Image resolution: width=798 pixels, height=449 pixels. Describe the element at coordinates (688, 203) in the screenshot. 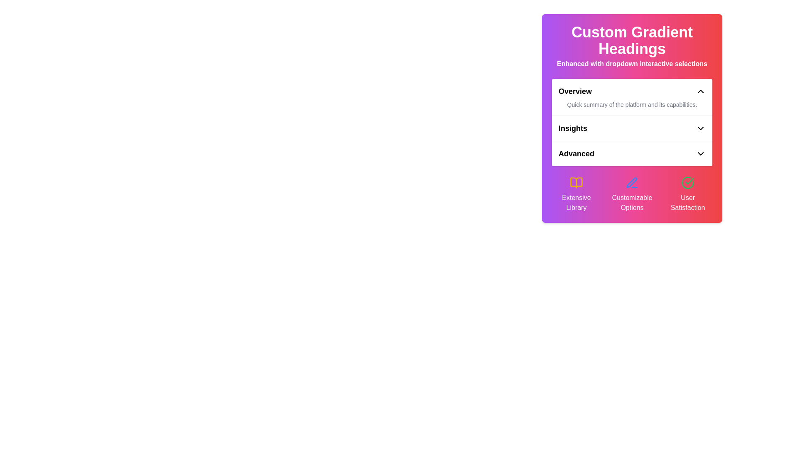

I see `the 'User Satisfaction' text label, which is styled with medium weight font in white color and located in the bottom-right section of the gradient panel` at that location.